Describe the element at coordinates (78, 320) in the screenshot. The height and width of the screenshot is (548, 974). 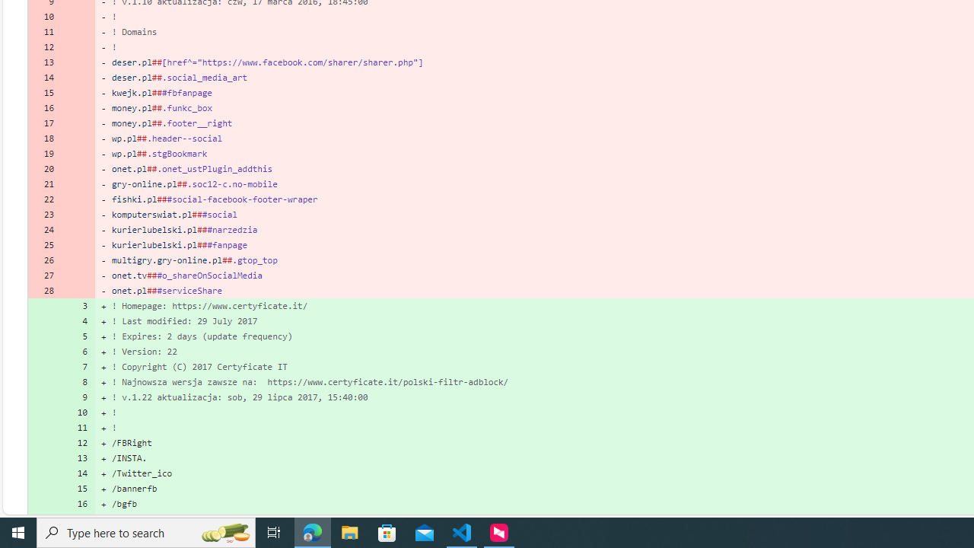
I see `'4'` at that location.